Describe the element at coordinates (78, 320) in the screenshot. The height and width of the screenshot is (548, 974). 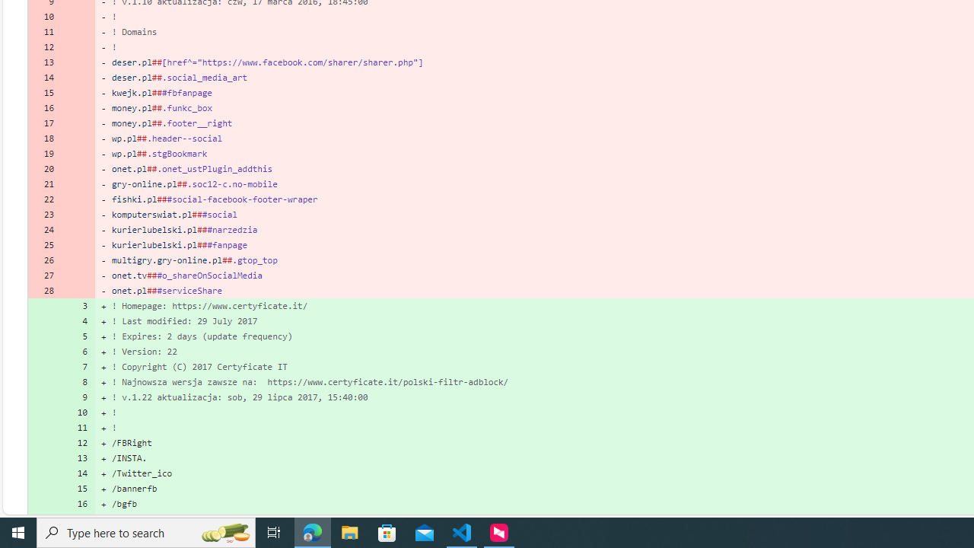
I see `'4'` at that location.